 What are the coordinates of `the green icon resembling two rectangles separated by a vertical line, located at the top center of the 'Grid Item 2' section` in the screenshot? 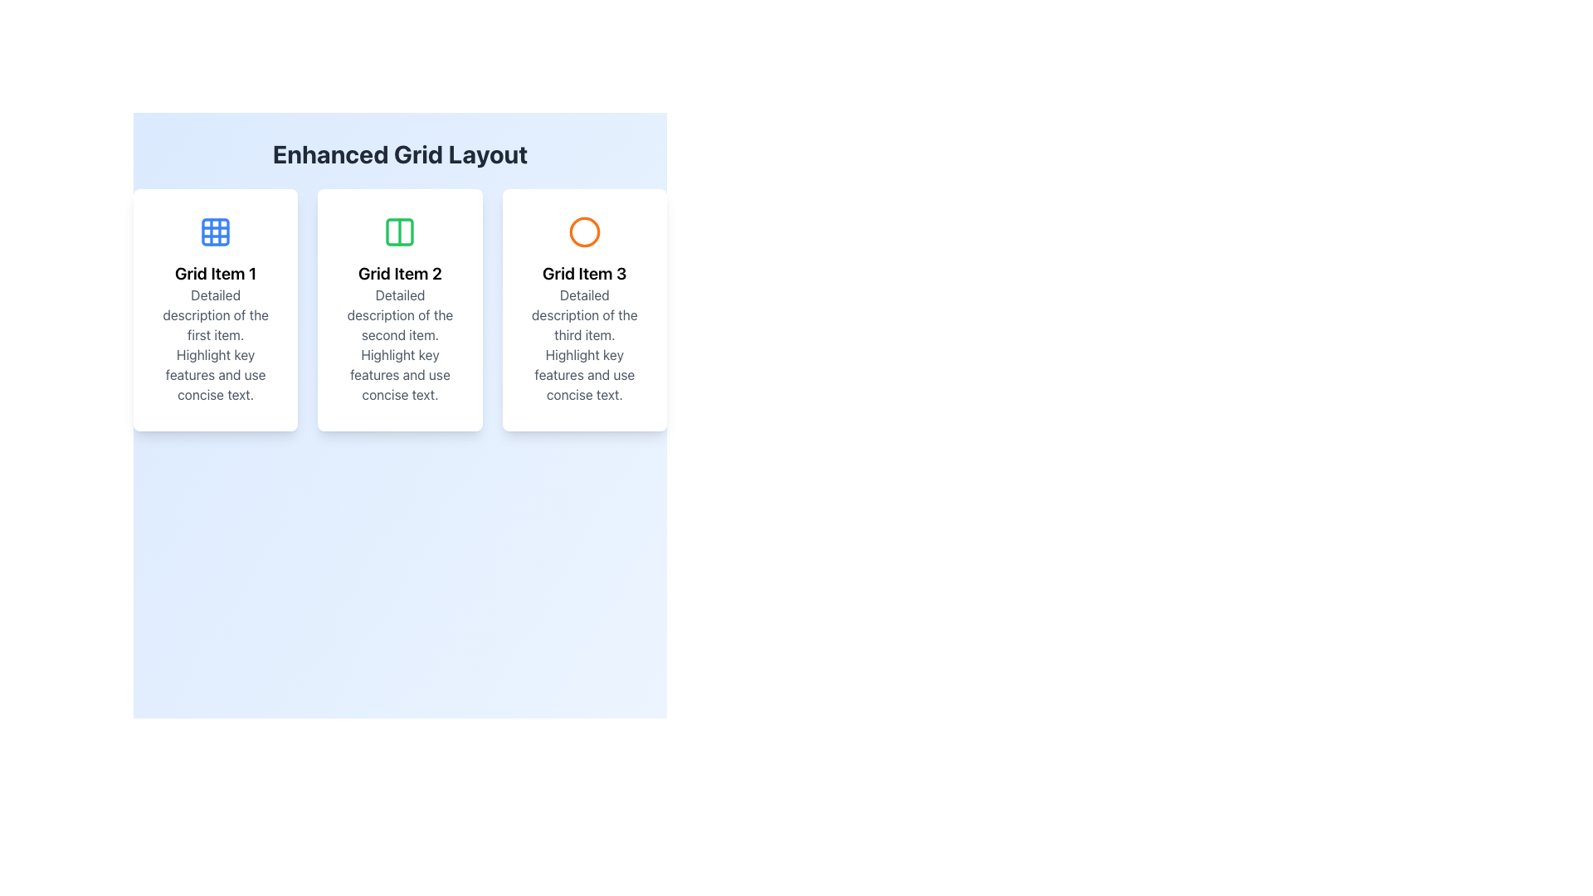 It's located at (400, 232).